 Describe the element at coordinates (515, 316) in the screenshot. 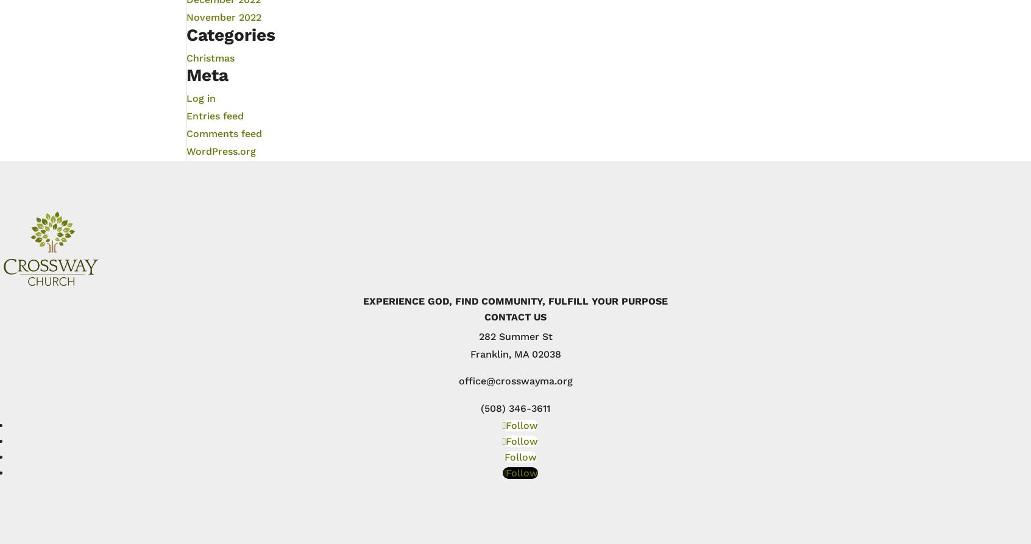

I see `'CONTACT US'` at that location.